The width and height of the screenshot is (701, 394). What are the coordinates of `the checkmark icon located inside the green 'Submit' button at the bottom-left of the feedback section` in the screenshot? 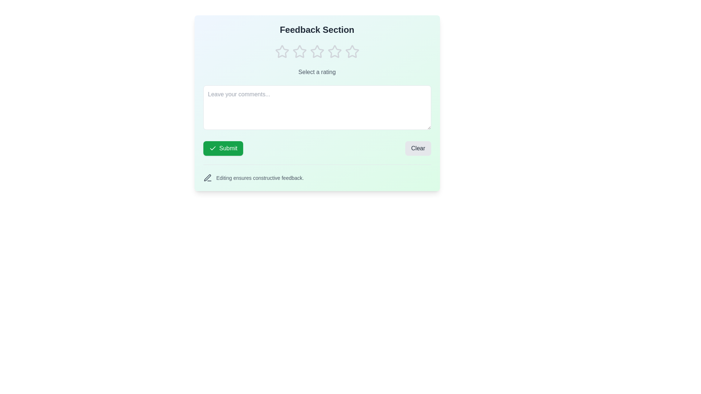 It's located at (212, 148).